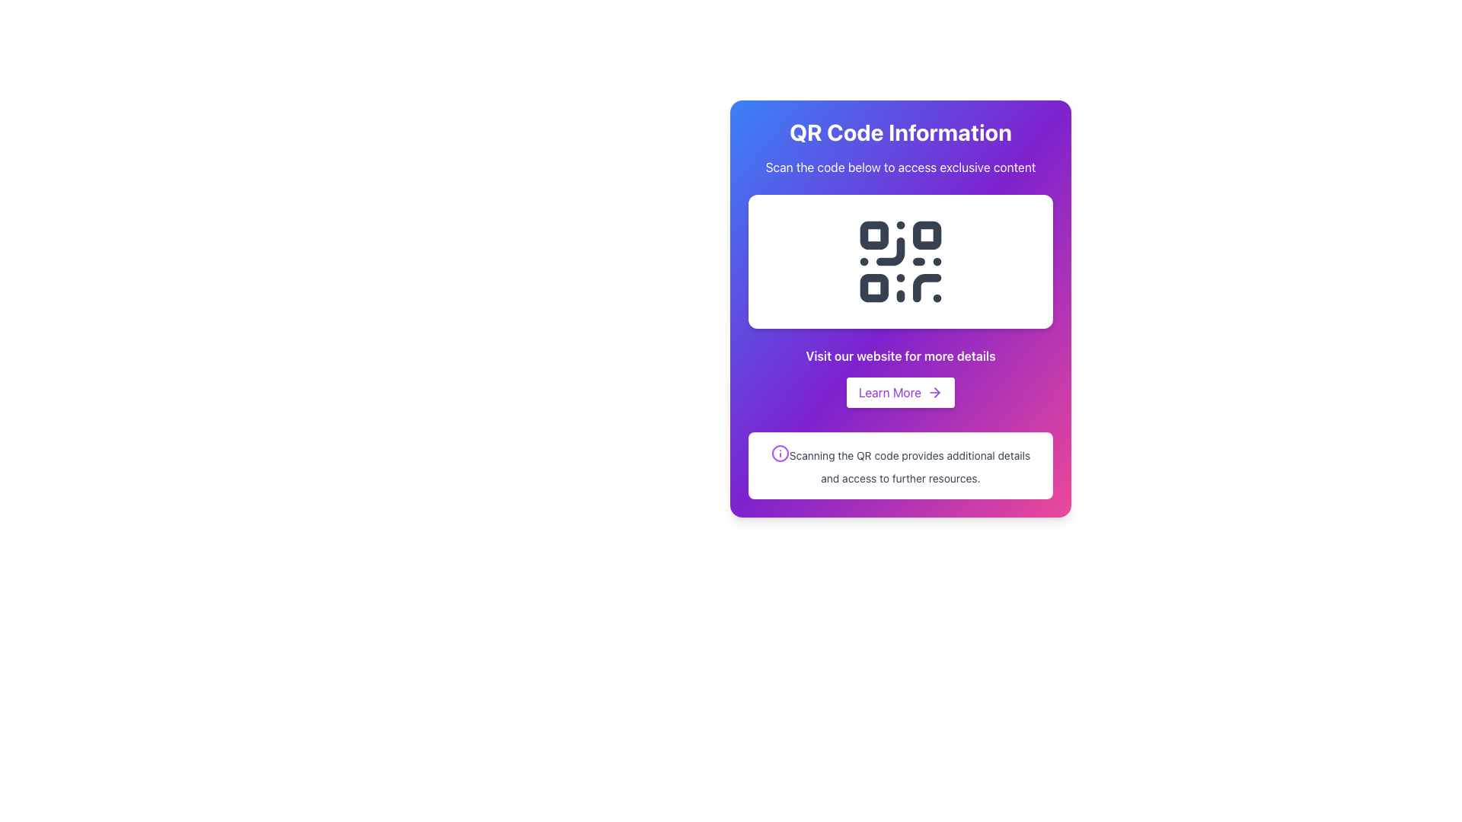  I want to click on the 'Learn More' button, which has a purple border, rounded corners, and a white background, so click(900, 392).